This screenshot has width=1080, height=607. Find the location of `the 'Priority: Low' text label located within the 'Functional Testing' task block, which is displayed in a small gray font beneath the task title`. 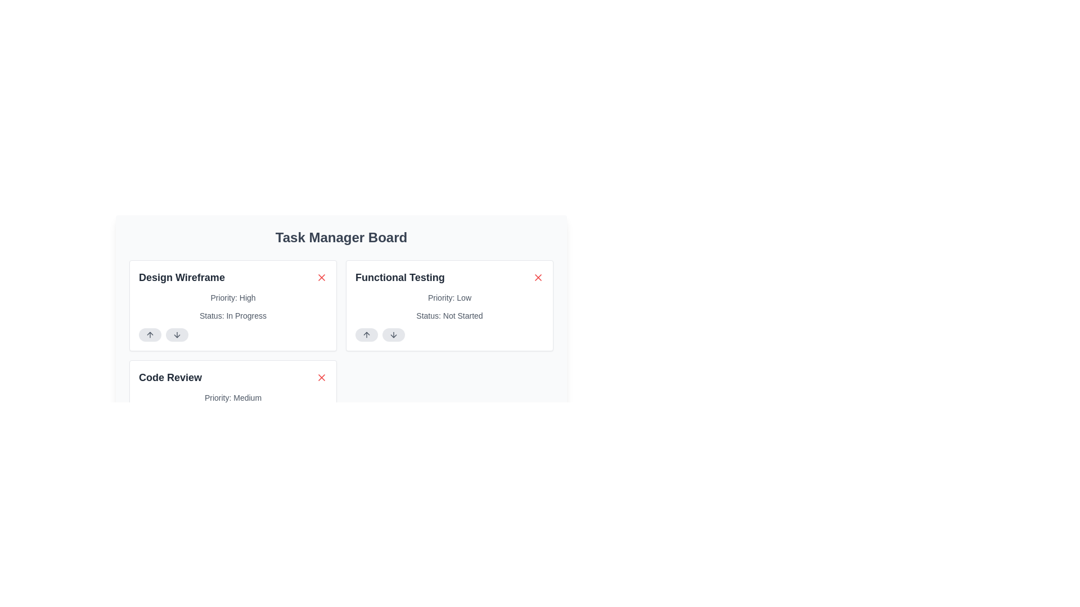

the 'Priority: Low' text label located within the 'Functional Testing' task block, which is displayed in a small gray font beneath the task title is located at coordinates (449, 297).